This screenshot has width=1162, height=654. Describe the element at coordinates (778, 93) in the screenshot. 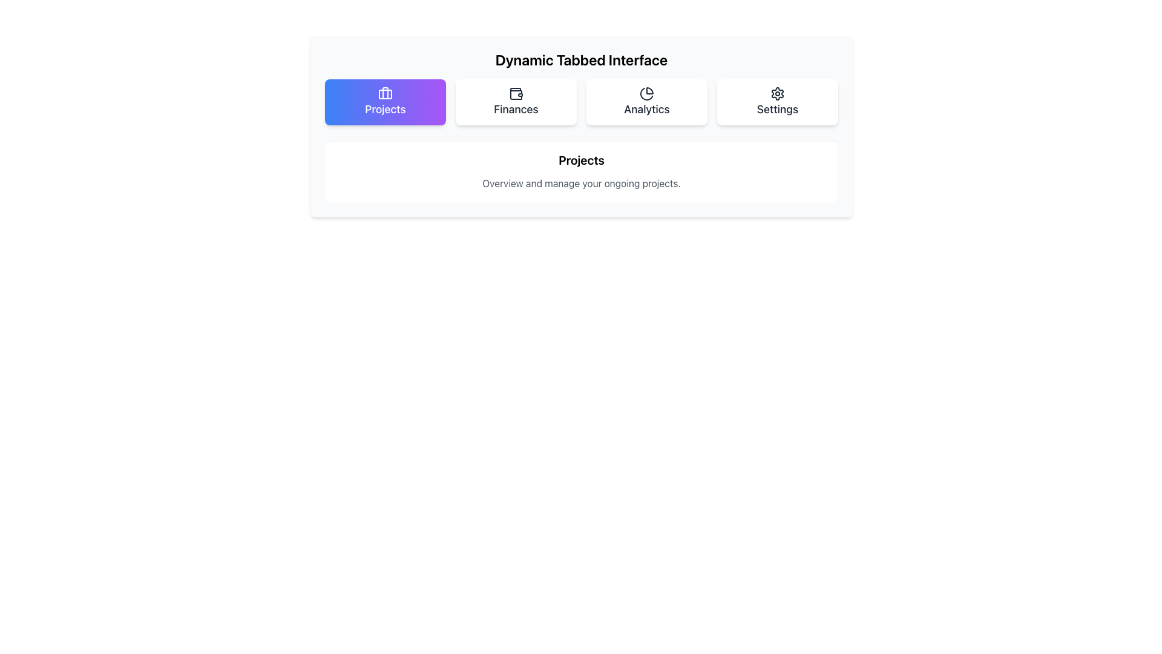

I see `the gear icon in the 'Settings' tab located in the top right corner of the interface, which is above the text 'Settings'` at that location.